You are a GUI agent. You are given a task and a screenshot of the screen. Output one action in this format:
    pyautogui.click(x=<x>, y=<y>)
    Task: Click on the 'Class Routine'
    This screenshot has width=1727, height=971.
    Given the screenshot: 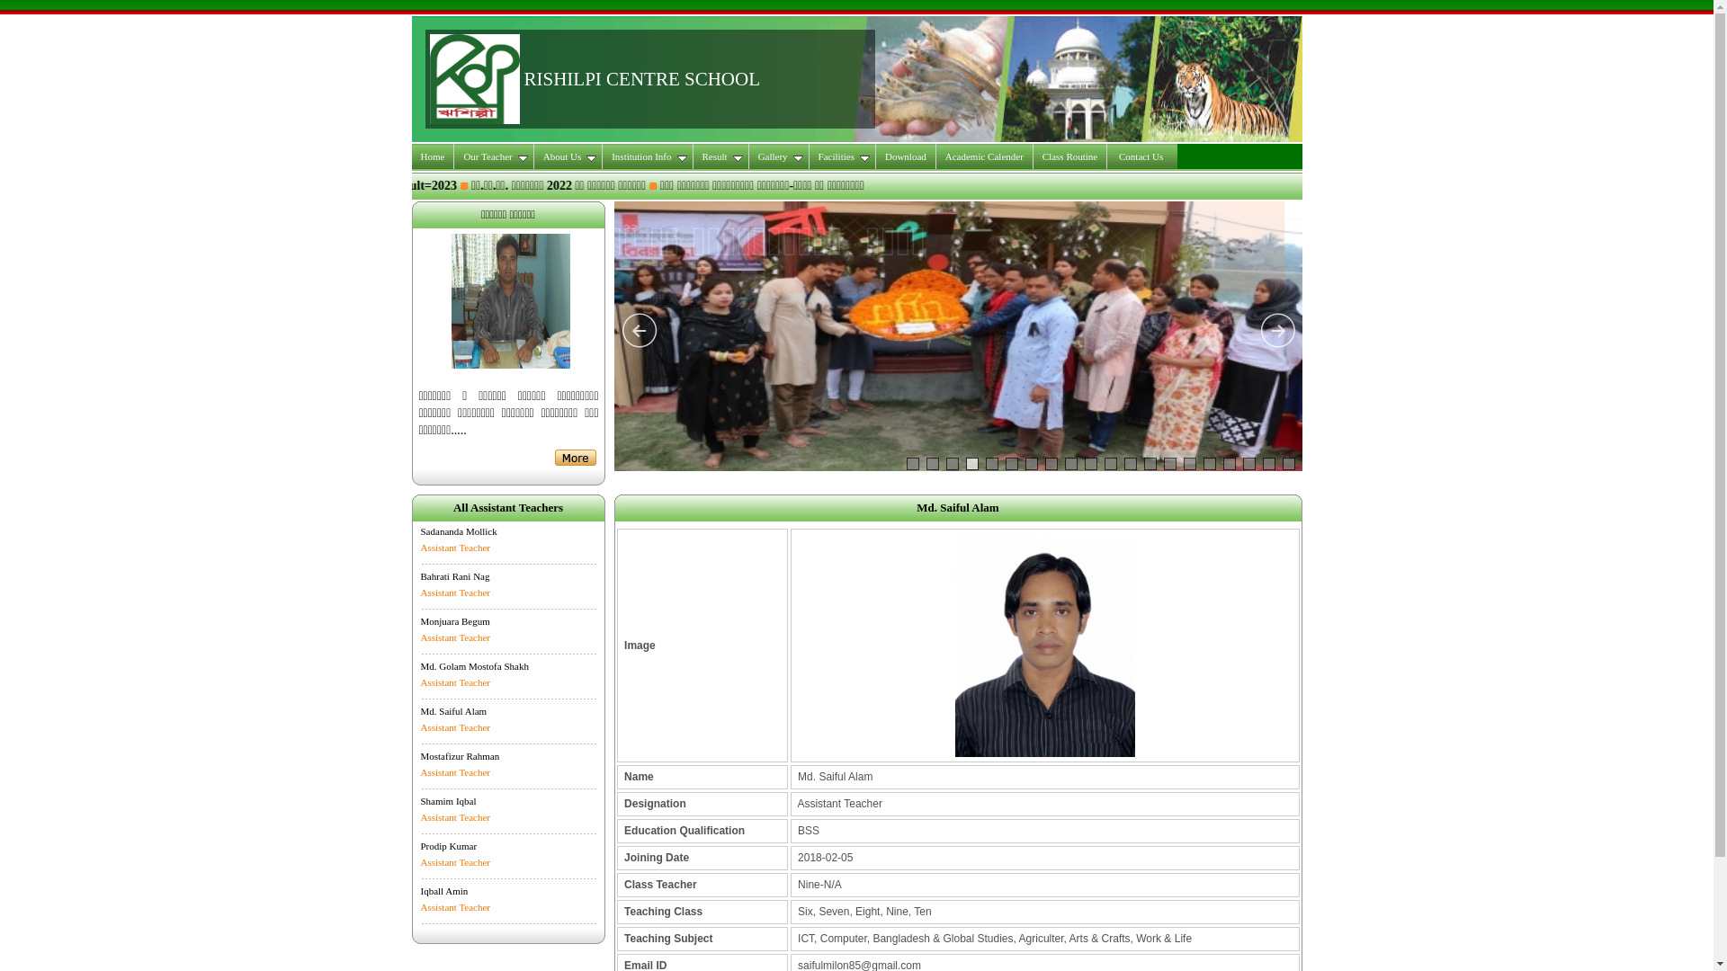 What is the action you would take?
    pyautogui.click(x=1070, y=155)
    